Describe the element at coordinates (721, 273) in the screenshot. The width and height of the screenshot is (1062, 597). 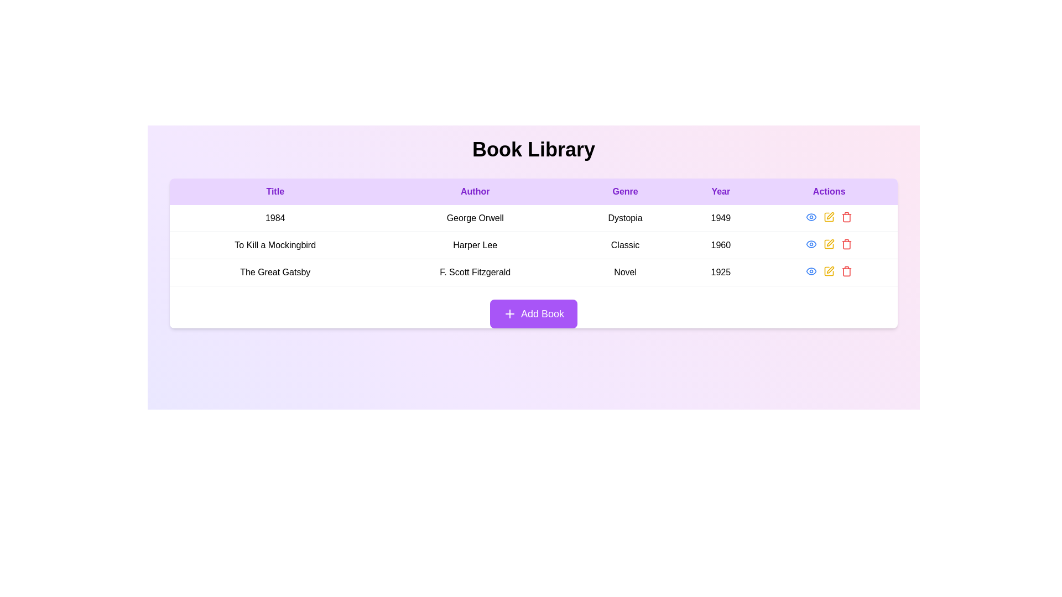
I see `the text displaying the publication year of 'The Great Gatsby' in the library's table, located in the fourth column under the 'Year' header` at that location.